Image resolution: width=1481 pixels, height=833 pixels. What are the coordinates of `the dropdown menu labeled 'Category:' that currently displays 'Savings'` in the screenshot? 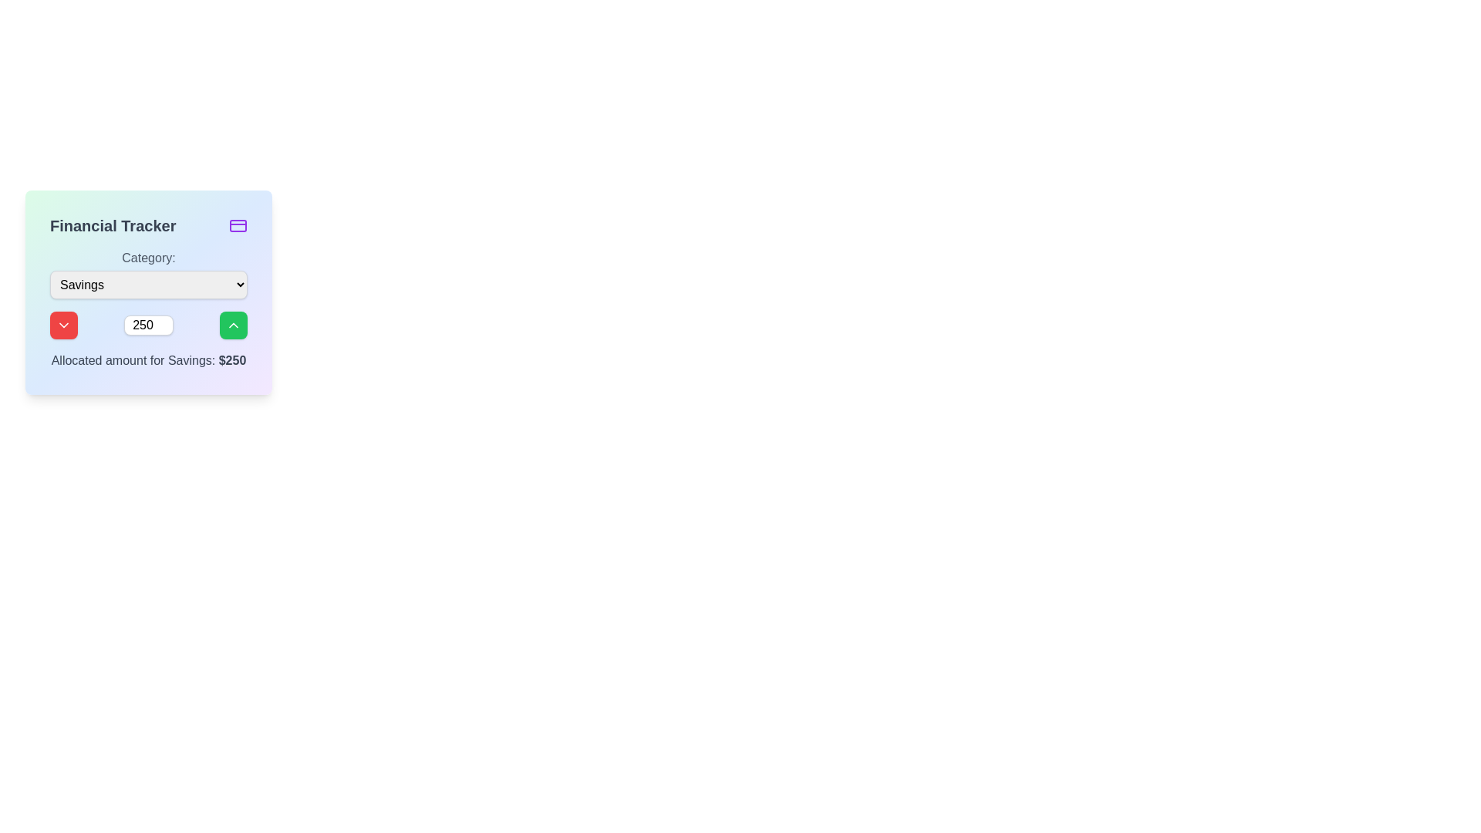 It's located at (148, 285).